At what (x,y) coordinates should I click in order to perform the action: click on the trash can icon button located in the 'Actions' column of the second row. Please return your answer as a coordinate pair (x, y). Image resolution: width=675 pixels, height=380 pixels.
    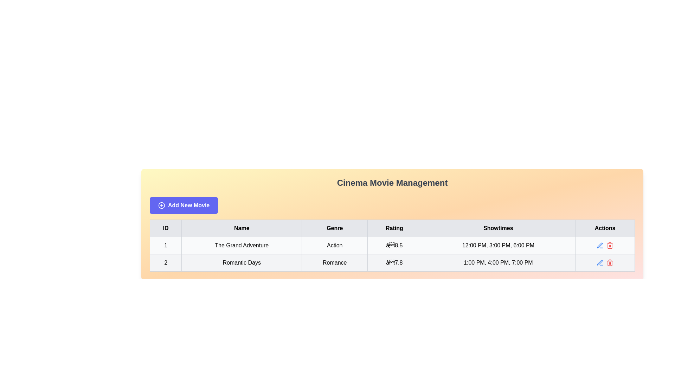
    Looking at the image, I should click on (609, 263).